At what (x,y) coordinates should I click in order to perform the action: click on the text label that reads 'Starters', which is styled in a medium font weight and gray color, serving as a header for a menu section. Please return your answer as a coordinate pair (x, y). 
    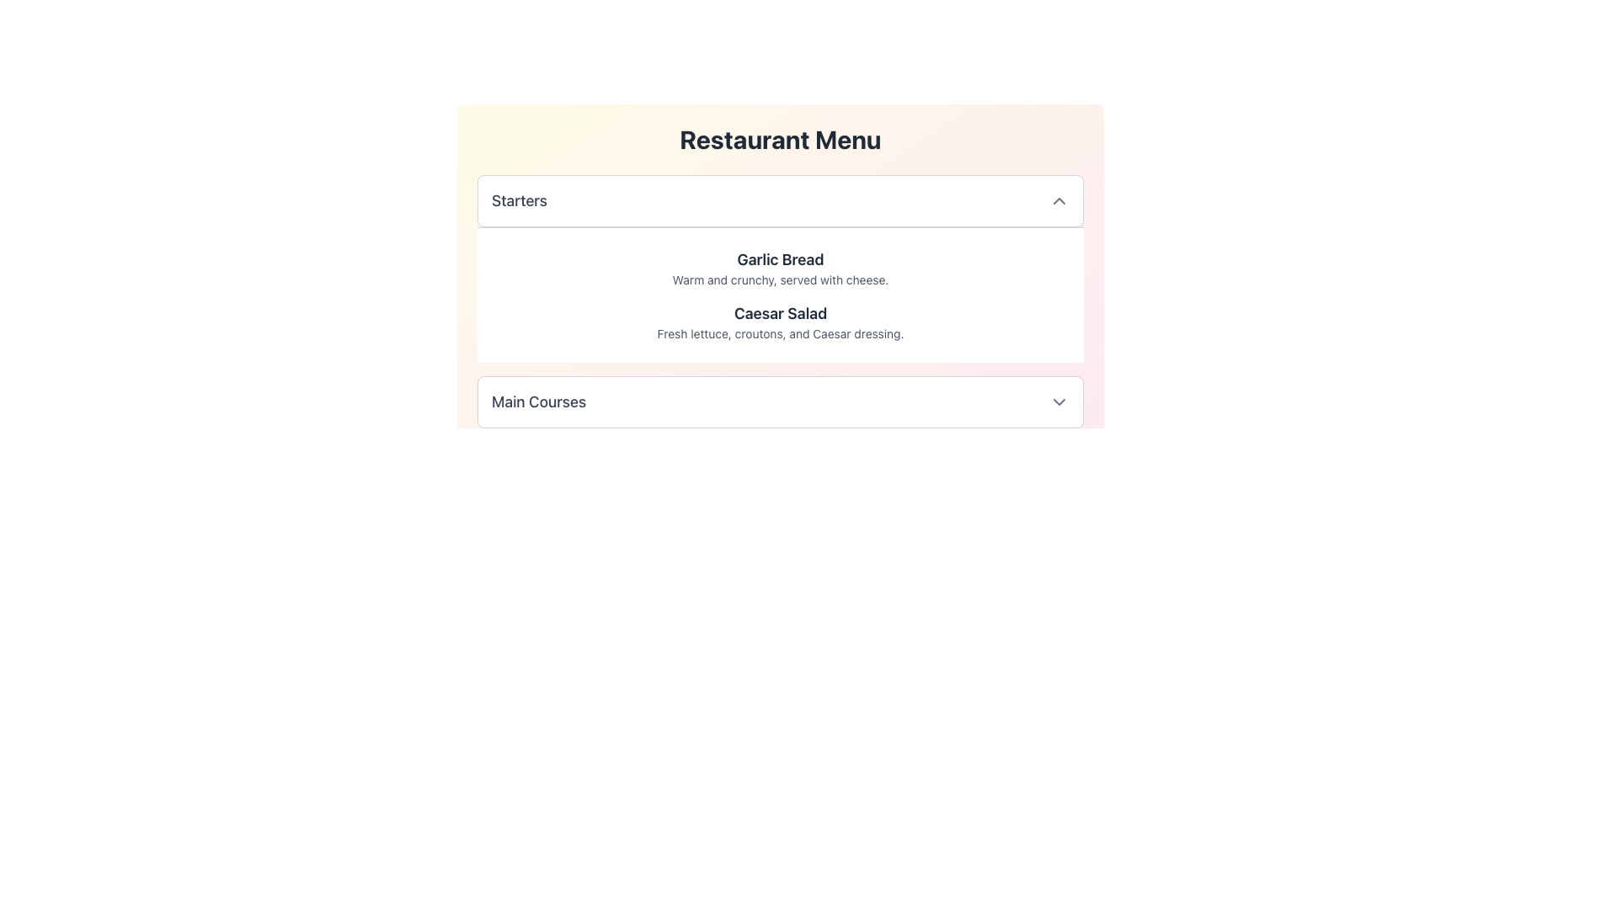
    Looking at the image, I should click on (519, 200).